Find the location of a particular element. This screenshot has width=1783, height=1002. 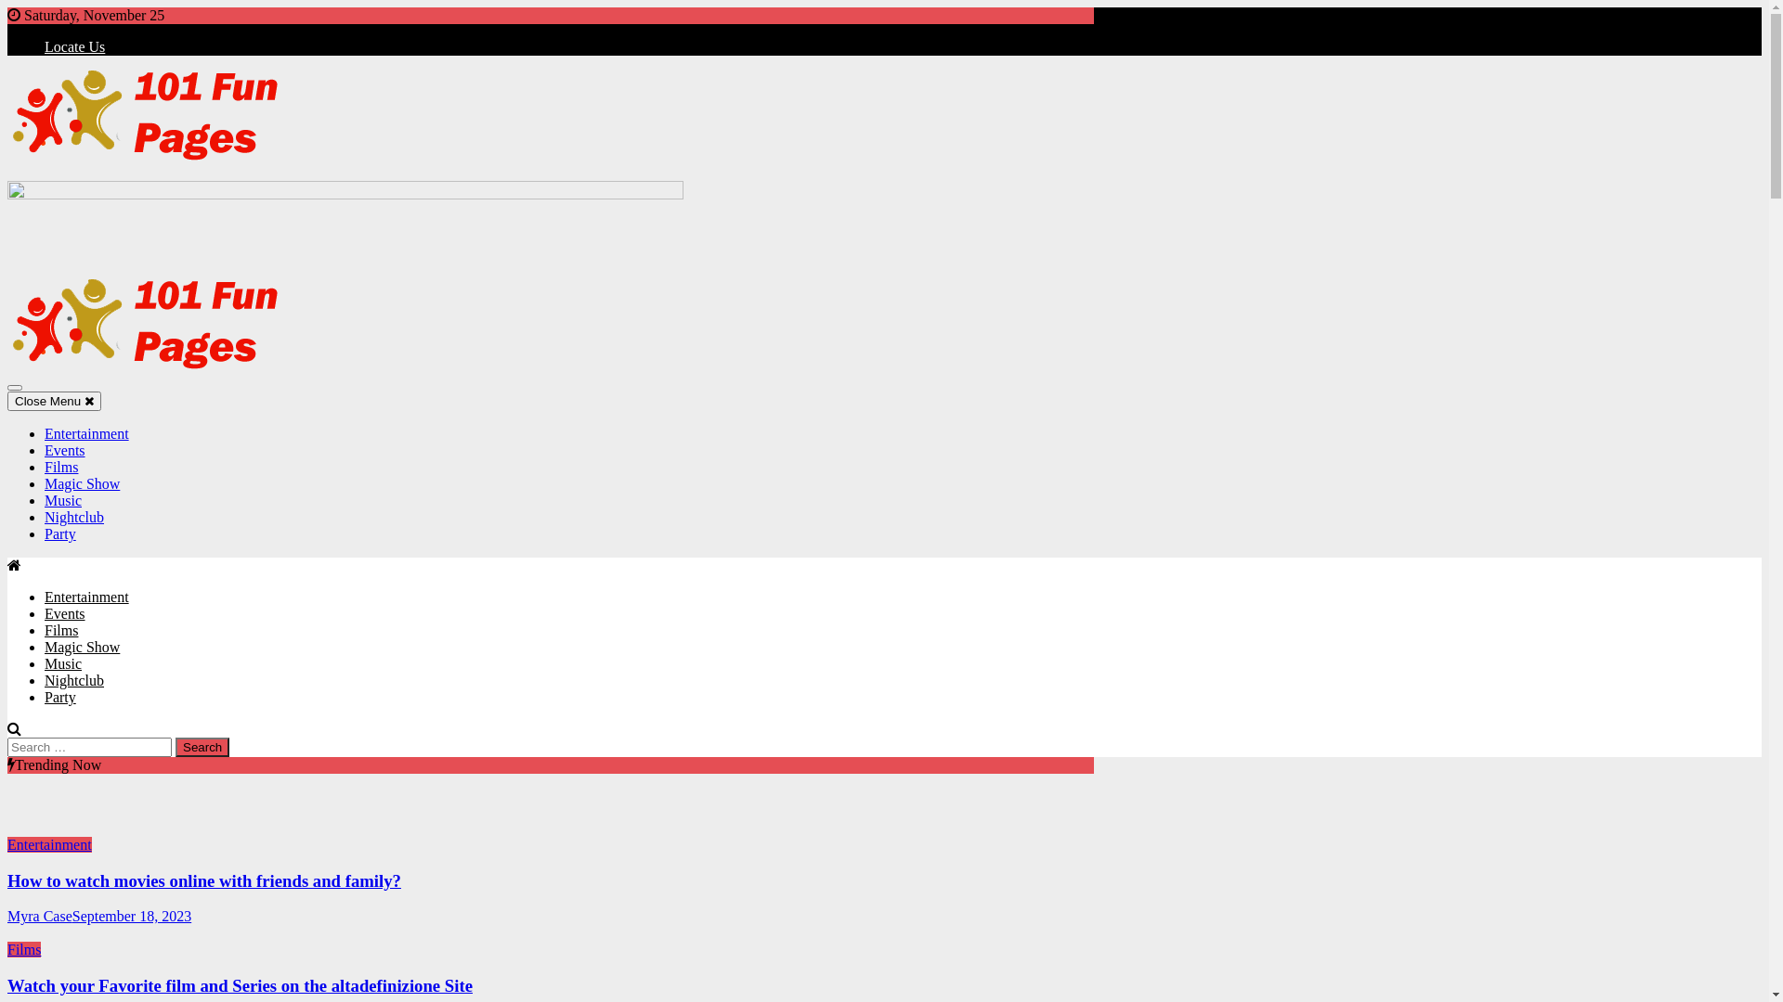

'Films' is located at coordinates (61, 629).